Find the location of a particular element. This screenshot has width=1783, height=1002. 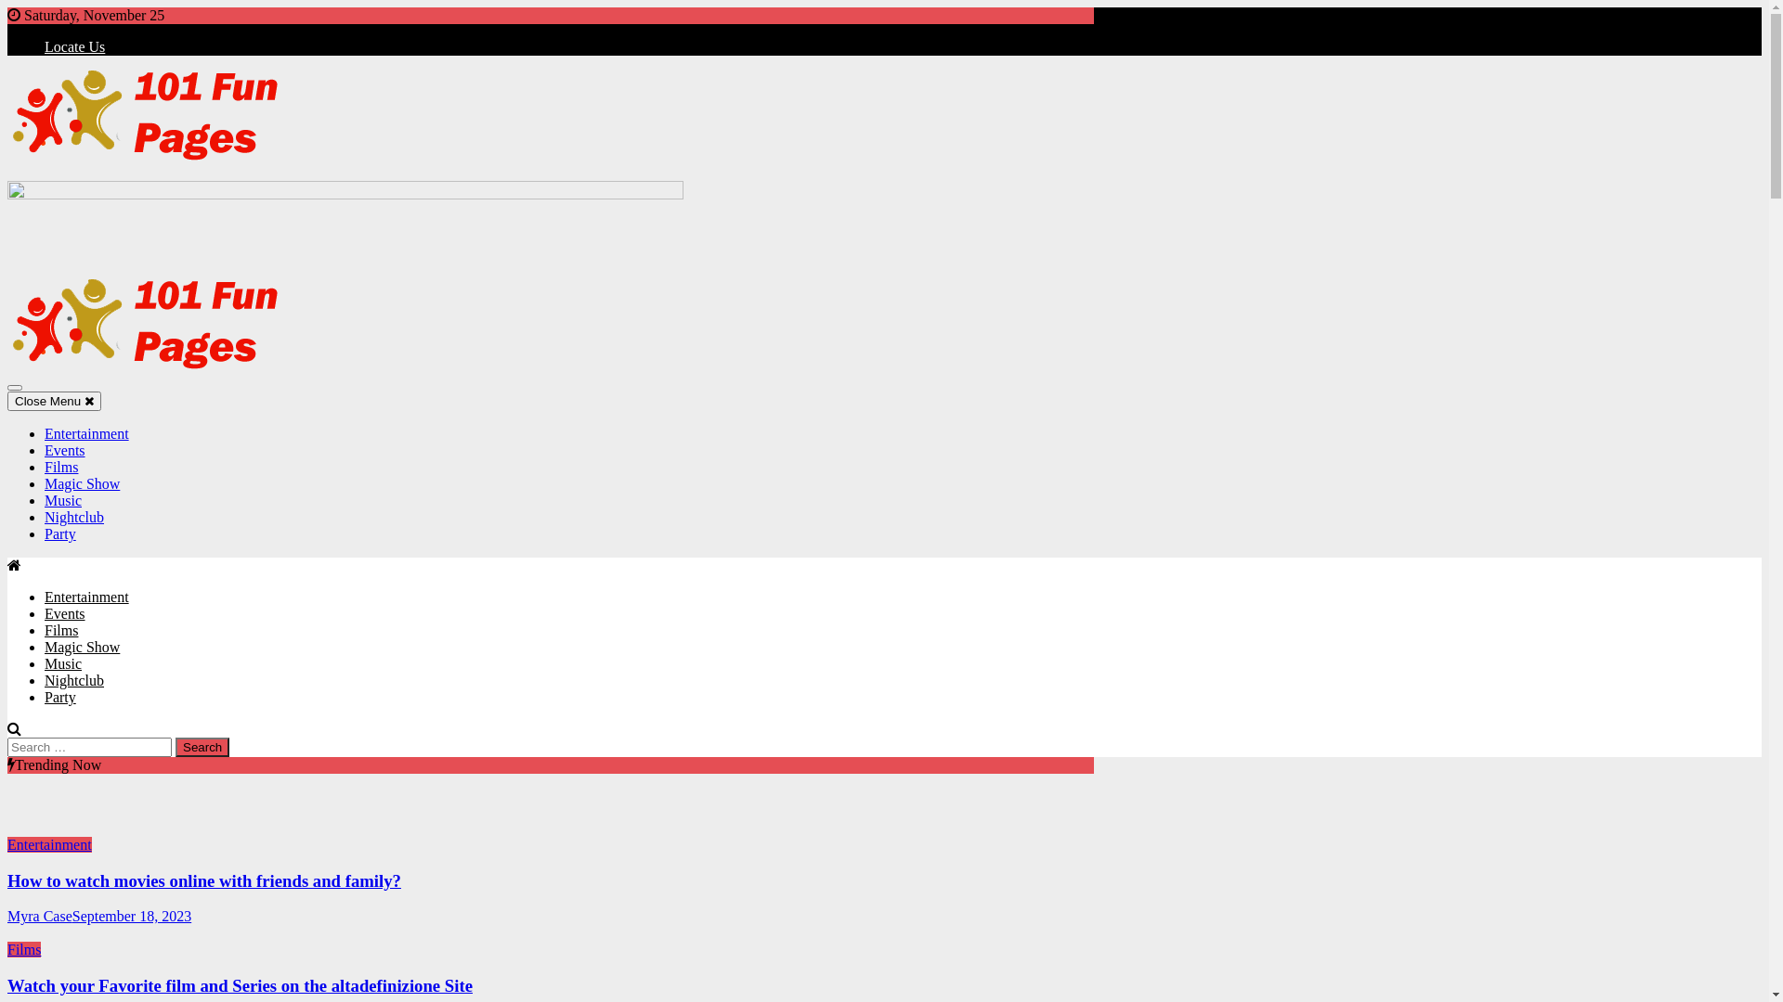

'Films' is located at coordinates (61, 629).